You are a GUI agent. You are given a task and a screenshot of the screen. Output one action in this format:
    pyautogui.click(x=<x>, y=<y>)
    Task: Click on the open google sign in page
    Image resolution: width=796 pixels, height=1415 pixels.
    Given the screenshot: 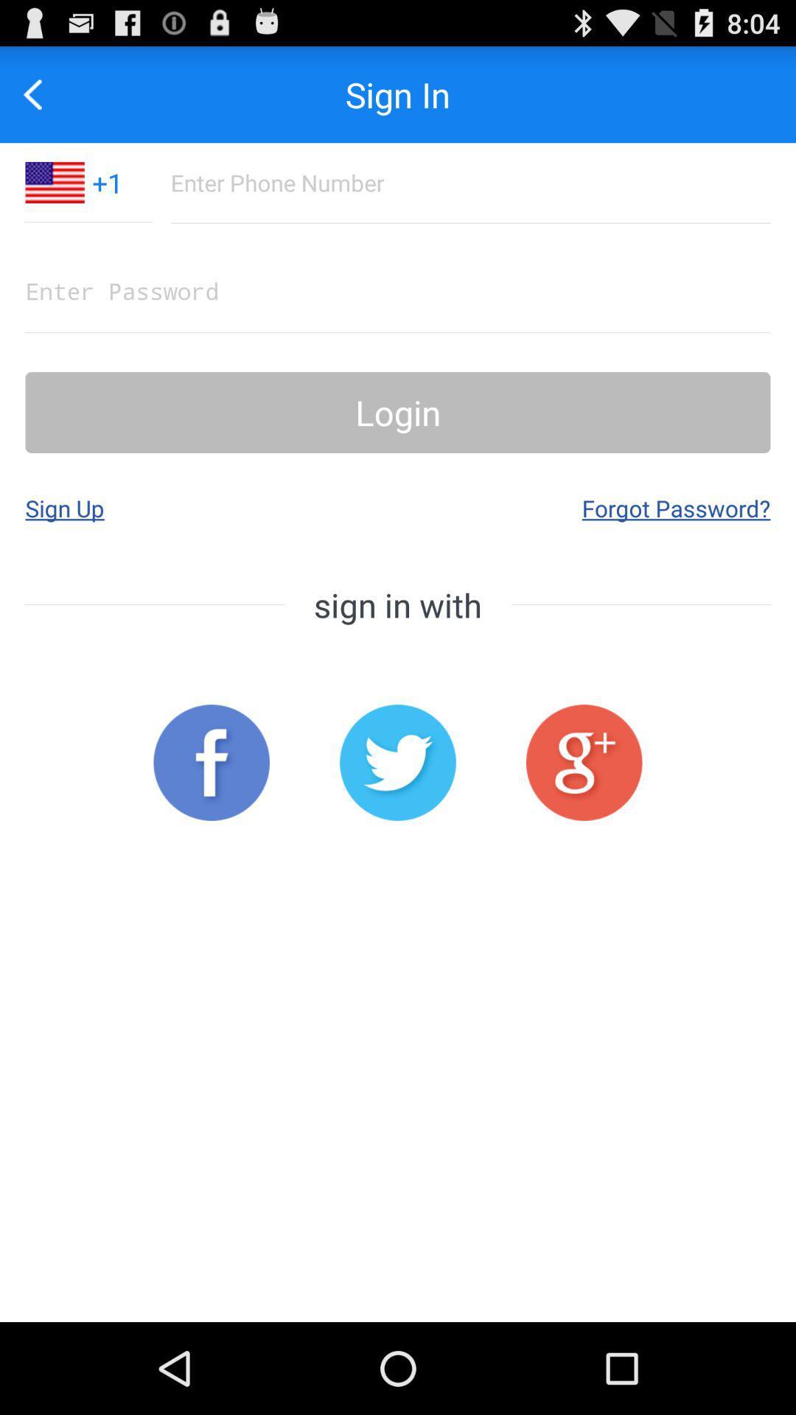 What is the action you would take?
    pyautogui.click(x=583, y=763)
    